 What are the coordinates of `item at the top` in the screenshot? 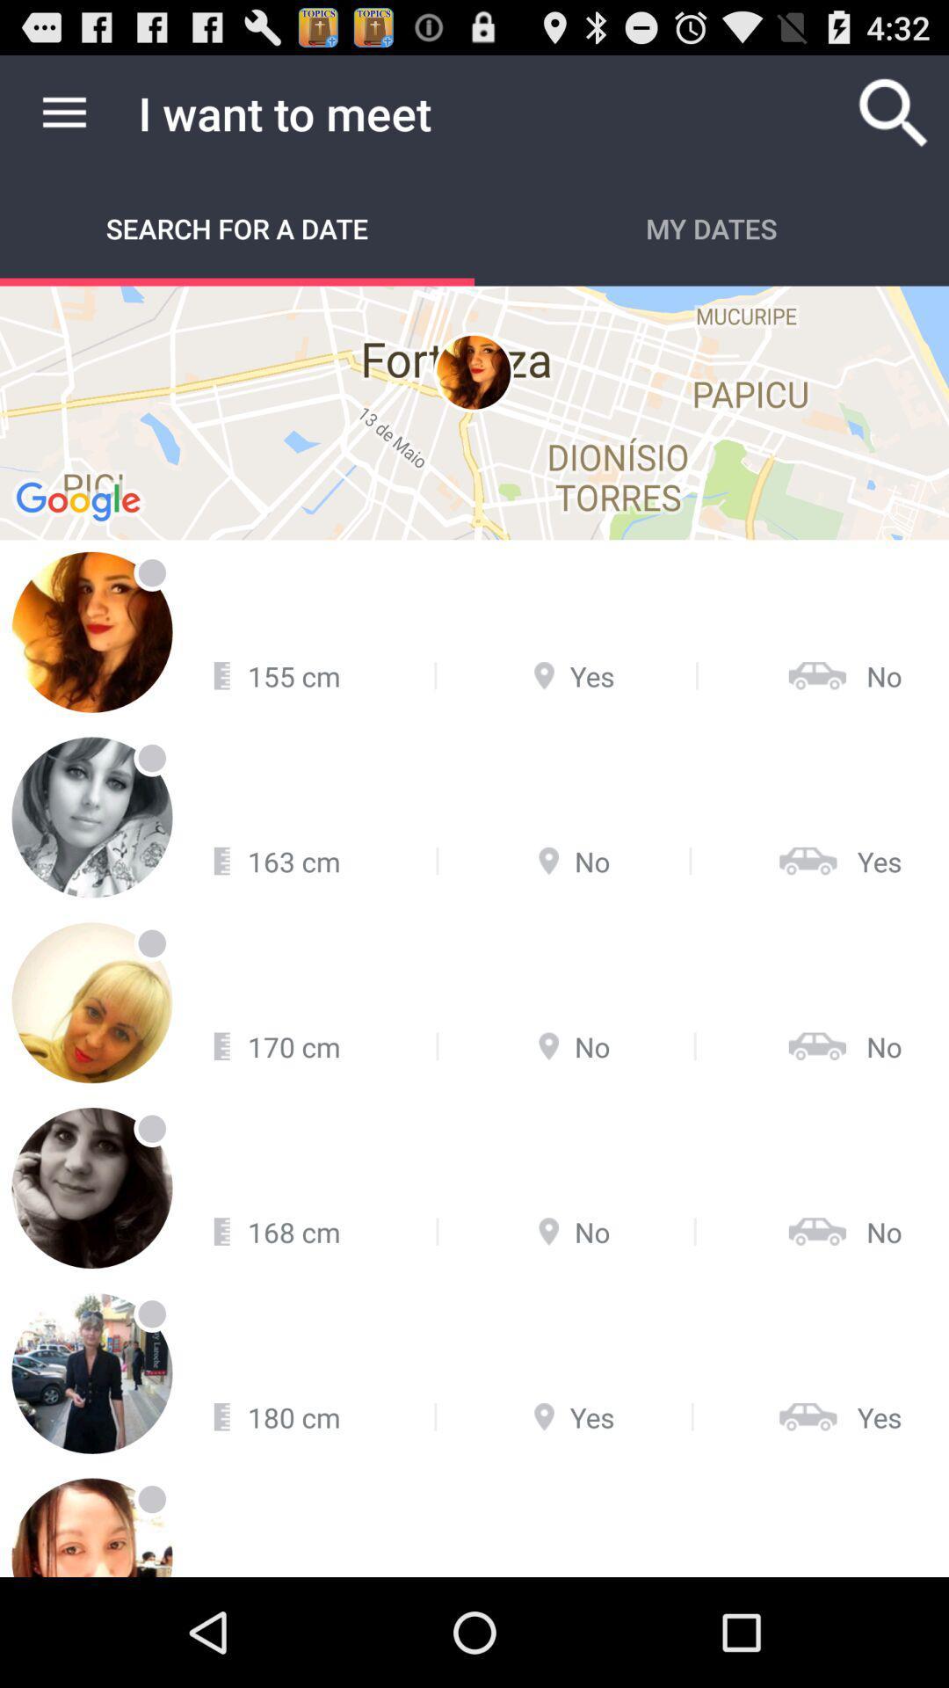 It's located at (474, 411).